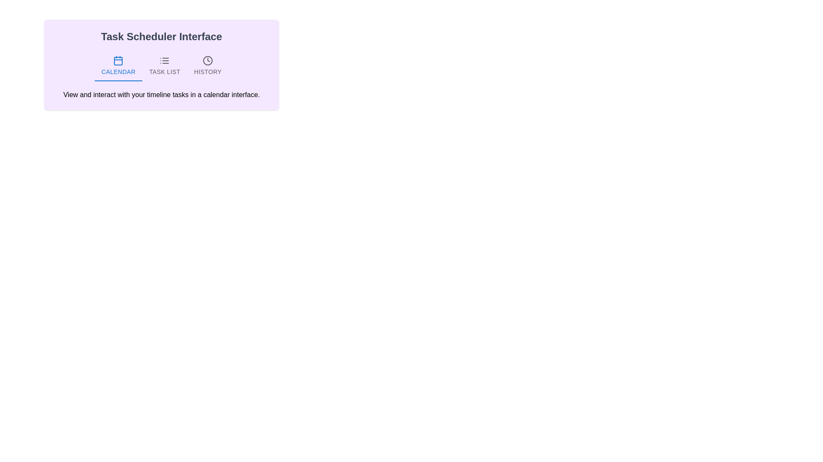 The height and width of the screenshot is (462, 823). I want to click on the rounded rectangle graphical background of the calendar icon, which is the leftmost icon in the tab bar beneath the 'Task Scheduler Interface' heading, so click(118, 61).